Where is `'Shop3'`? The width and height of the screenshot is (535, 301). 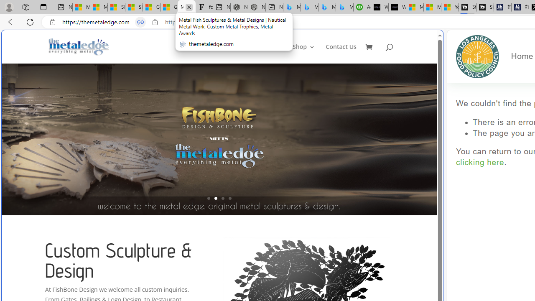 'Shop3' is located at coordinates (308, 54).